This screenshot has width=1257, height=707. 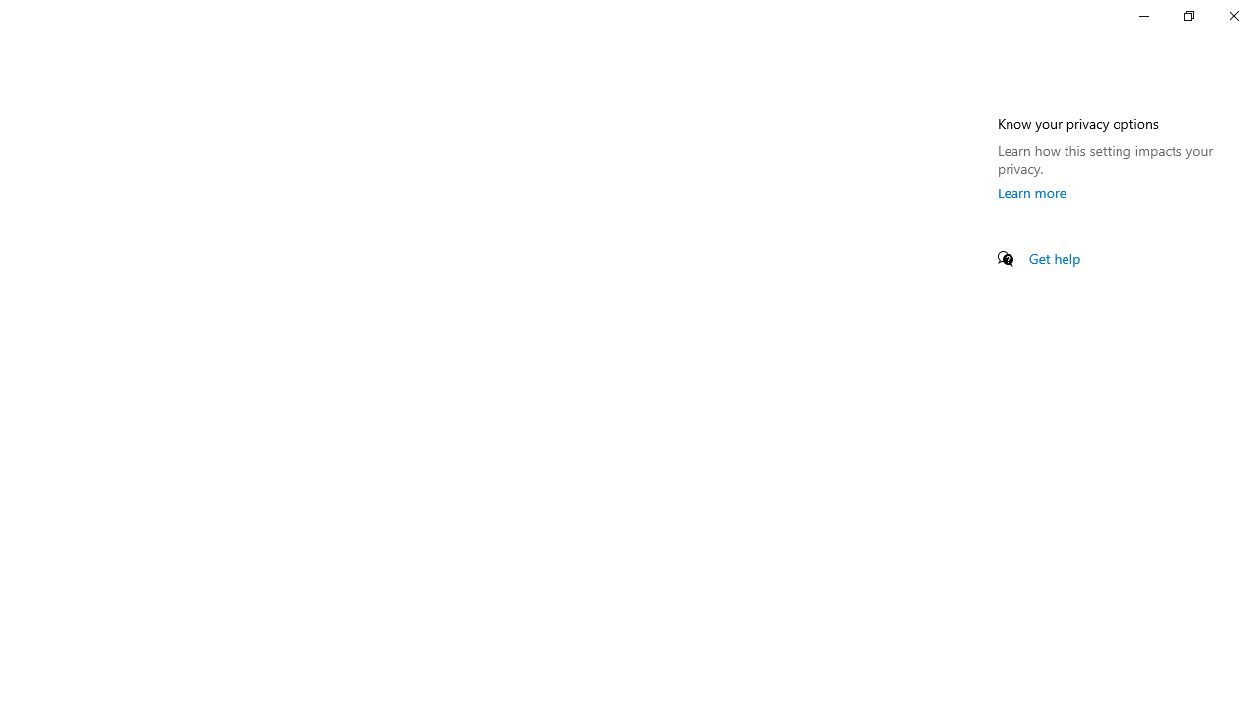 I want to click on 'Close Settings', so click(x=1232, y=15).